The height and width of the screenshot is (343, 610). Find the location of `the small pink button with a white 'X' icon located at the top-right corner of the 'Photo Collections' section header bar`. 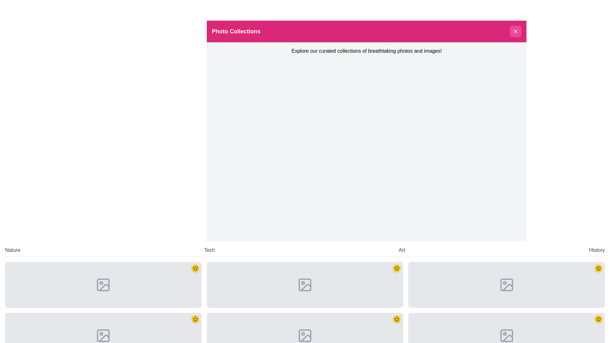

the small pink button with a white 'X' icon located at the top-right corner of the 'Photo Collections' section header bar is located at coordinates (515, 31).